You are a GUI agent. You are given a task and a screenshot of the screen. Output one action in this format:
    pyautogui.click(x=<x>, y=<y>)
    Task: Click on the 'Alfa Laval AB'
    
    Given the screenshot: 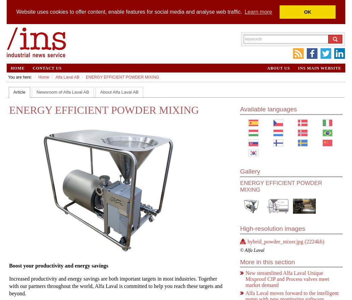 What is the action you would take?
    pyautogui.click(x=55, y=77)
    